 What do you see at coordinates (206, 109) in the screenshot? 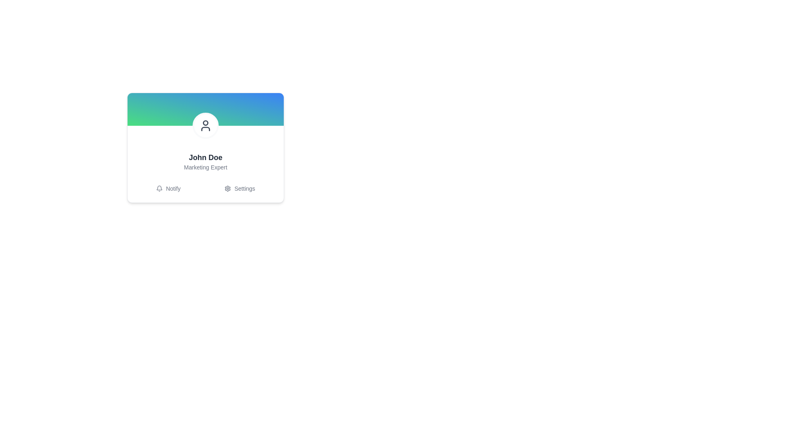
I see `the Decorative banner located at the top of the card, which features a vibrant gradient background transitioning from green to blue and partially overlaps the user avatar icon` at bounding box center [206, 109].